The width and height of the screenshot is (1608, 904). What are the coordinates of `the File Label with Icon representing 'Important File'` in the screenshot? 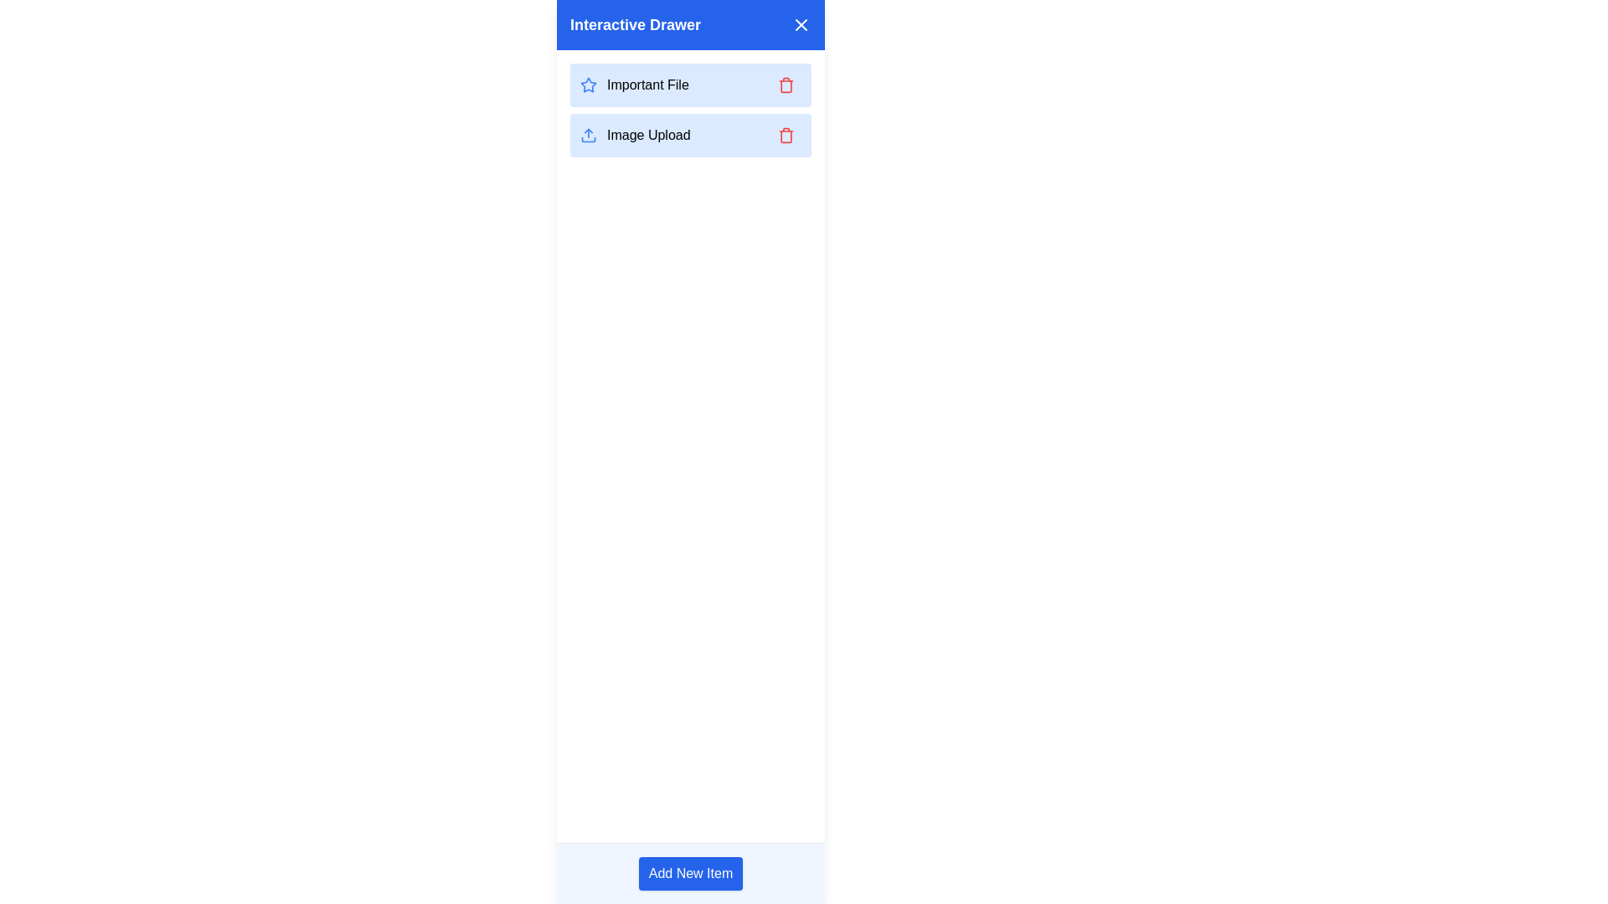 It's located at (633, 85).